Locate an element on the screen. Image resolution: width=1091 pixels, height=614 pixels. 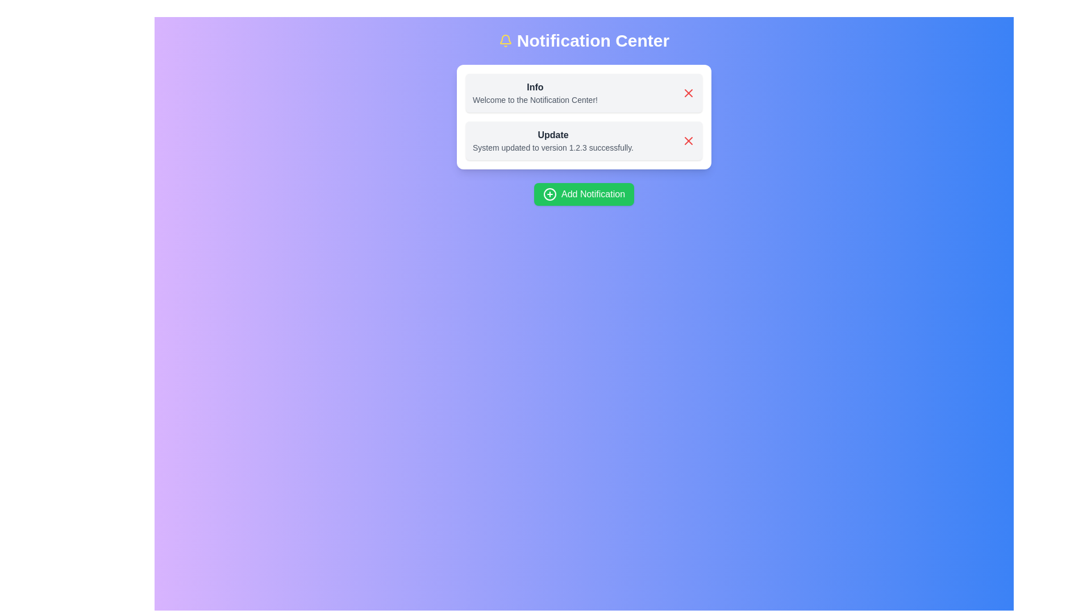
the circular icon with a green background and a white border that contains a plus sign, located to the left of the 'Add Notification' button is located at coordinates (550, 194).